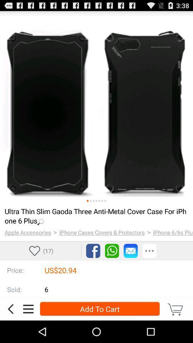 This screenshot has height=343, width=193. I want to click on item above the > icon, so click(95, 215).